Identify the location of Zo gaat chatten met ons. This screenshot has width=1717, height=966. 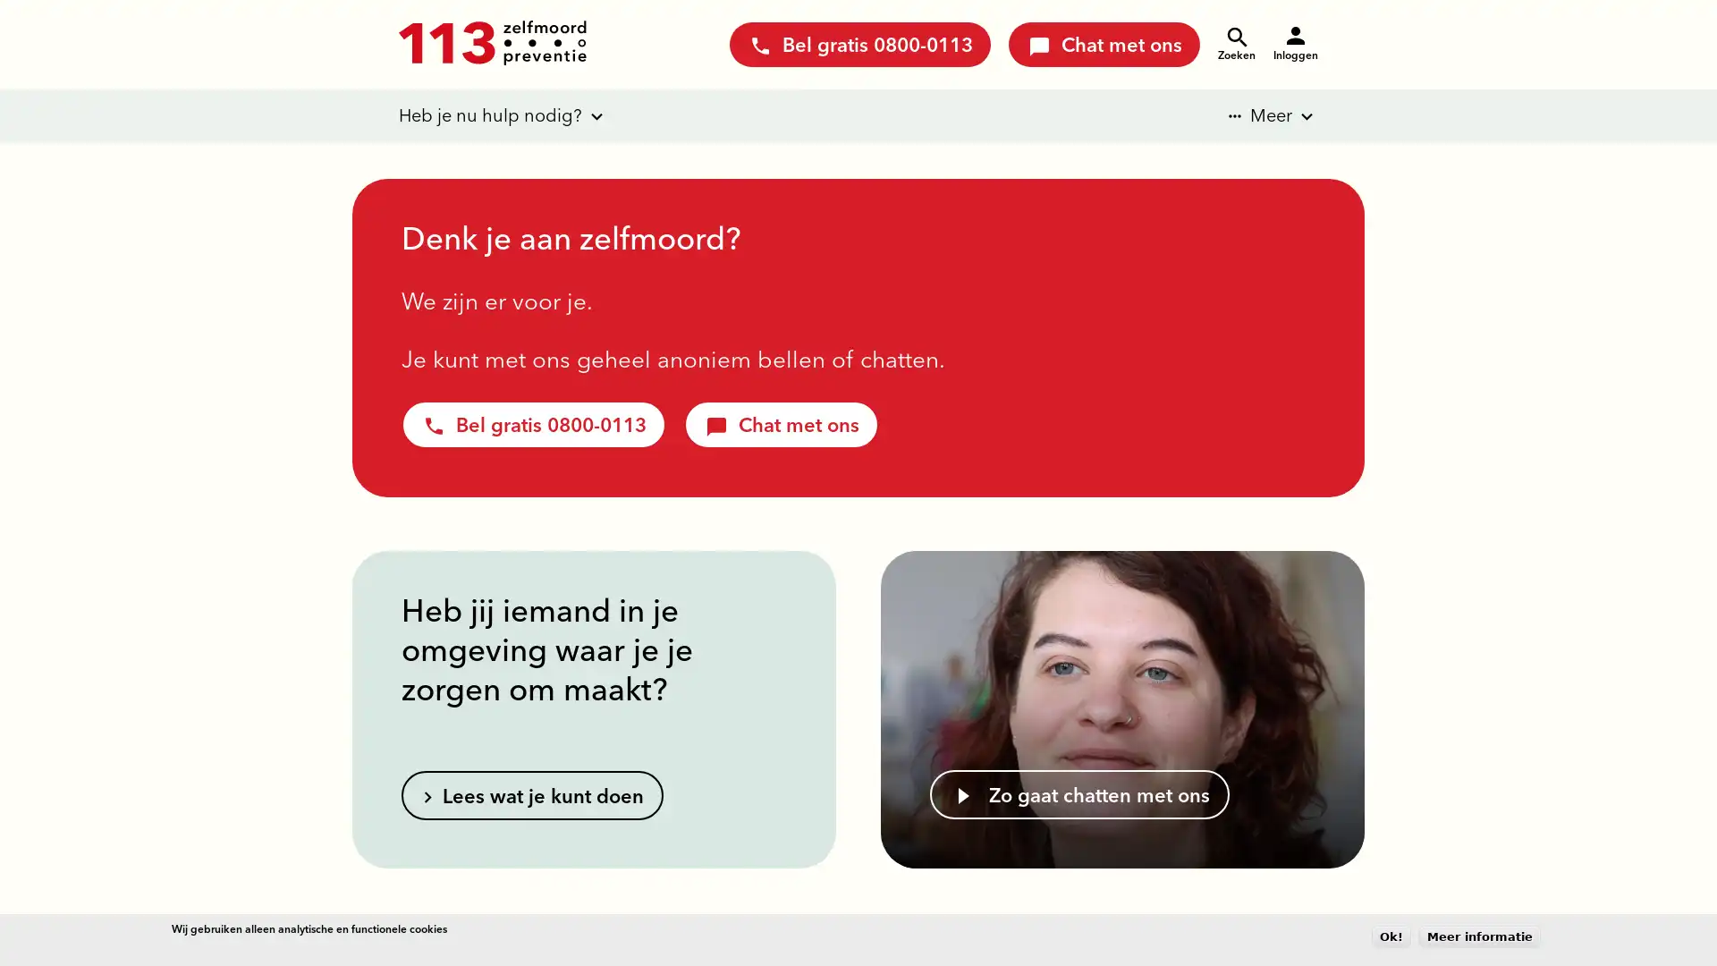
(1078, 793).